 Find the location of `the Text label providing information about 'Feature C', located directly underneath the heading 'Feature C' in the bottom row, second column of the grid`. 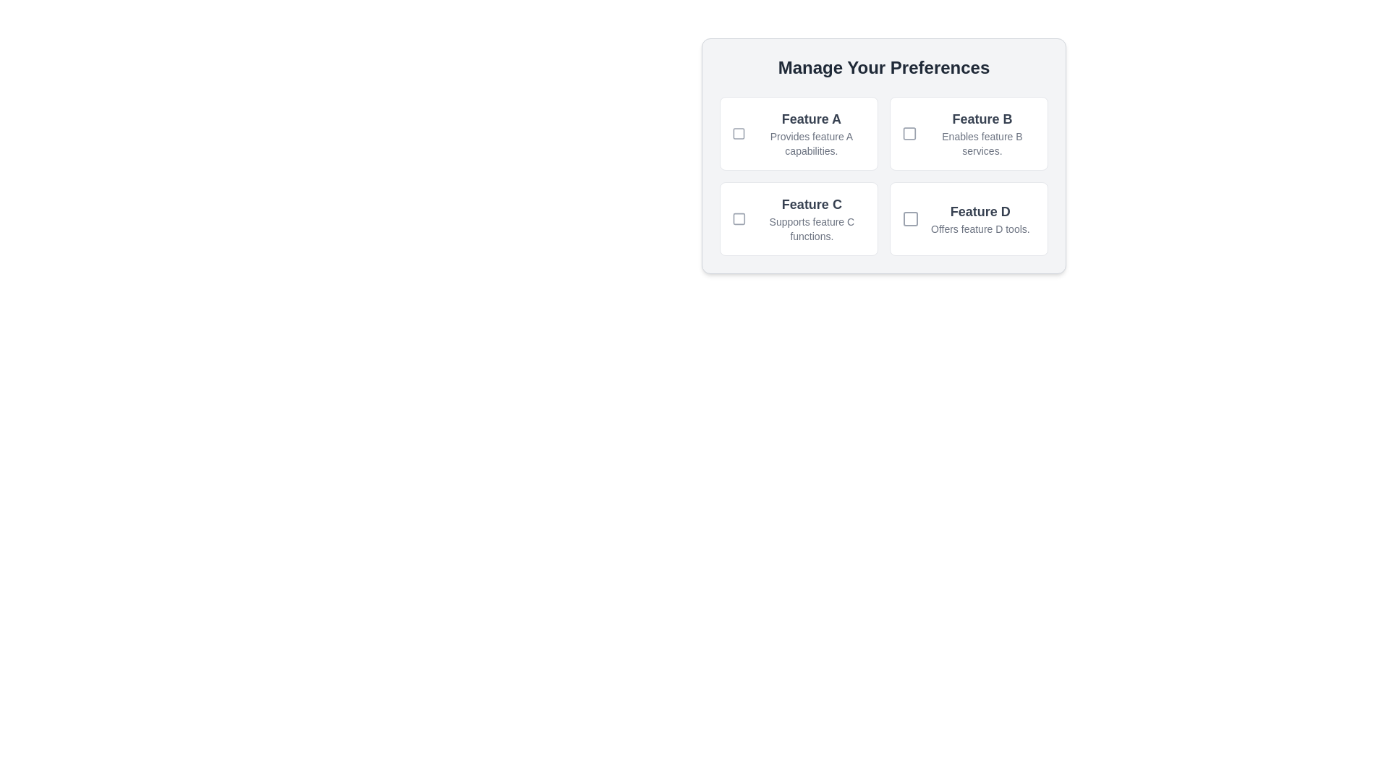

the Text label providing information about 'Feature C', located directly underneath the heading 'Feature C' in the bottom row, second column of the grid is located at coordinates (812, 228).